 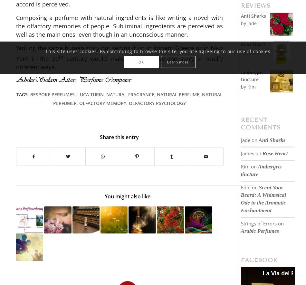 What do you see at coordinates (244, 166) in the screenshot?
I see `'Kim'` at bounding box center [244, 166].